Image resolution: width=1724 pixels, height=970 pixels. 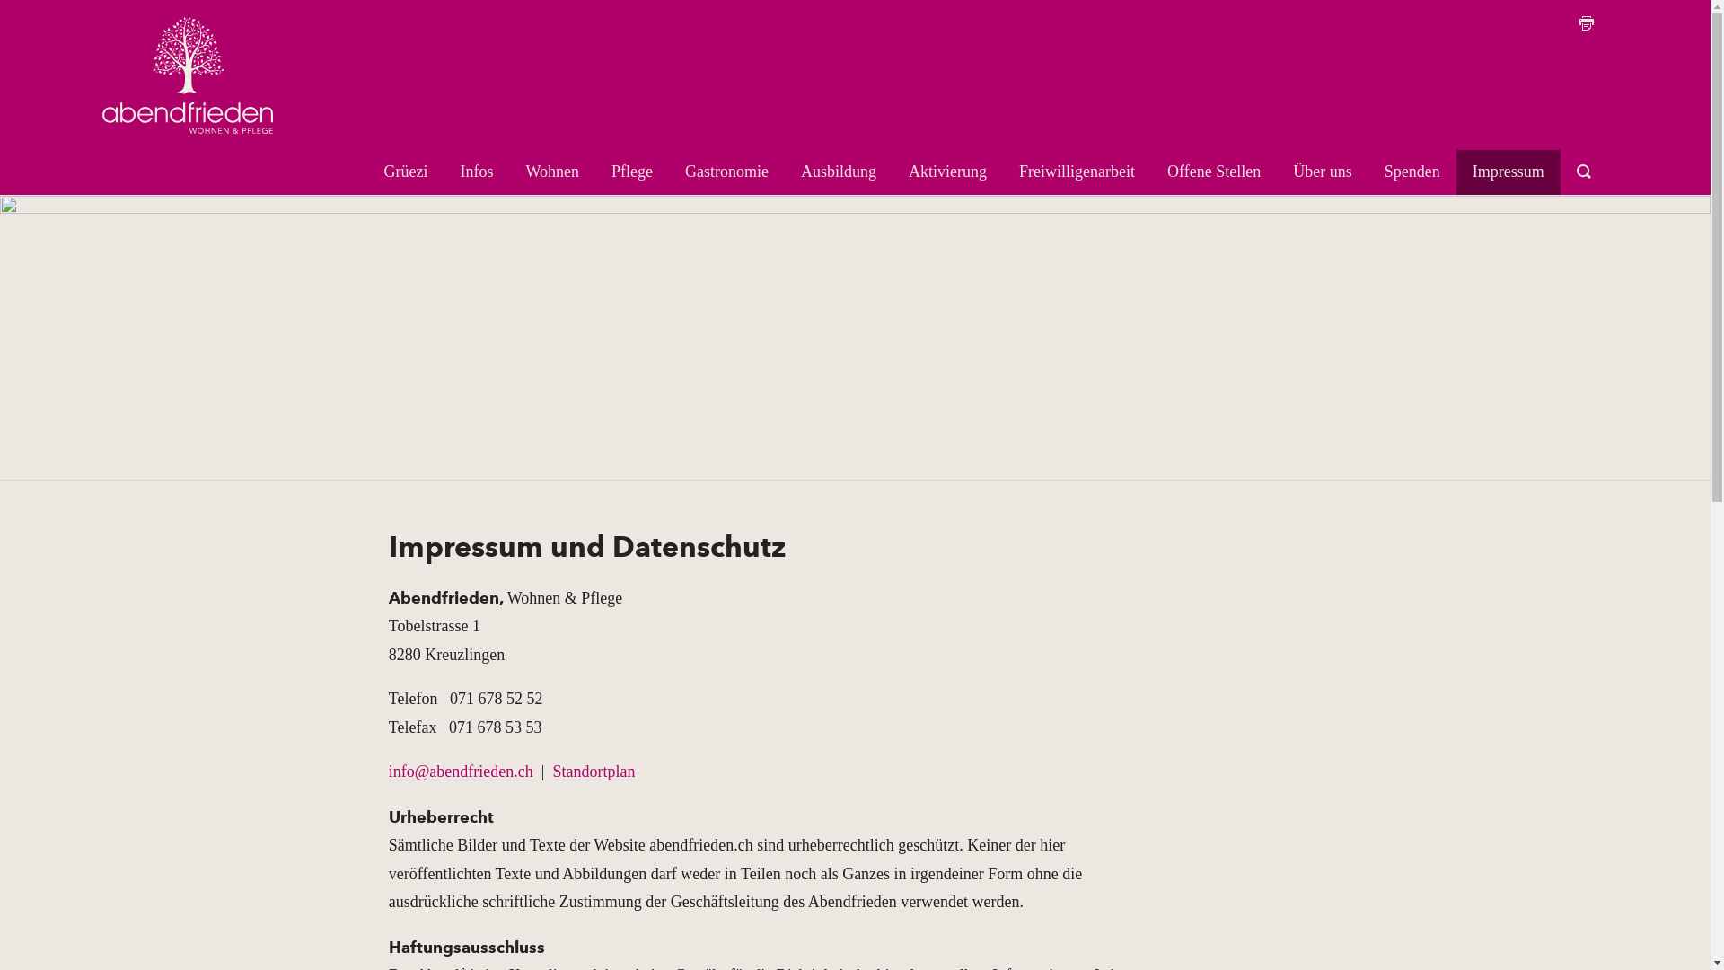 What do you see at coordinates (946, 172) in the screenshot?
I see `'Aktivierung'` at bounding box center [946, 172].